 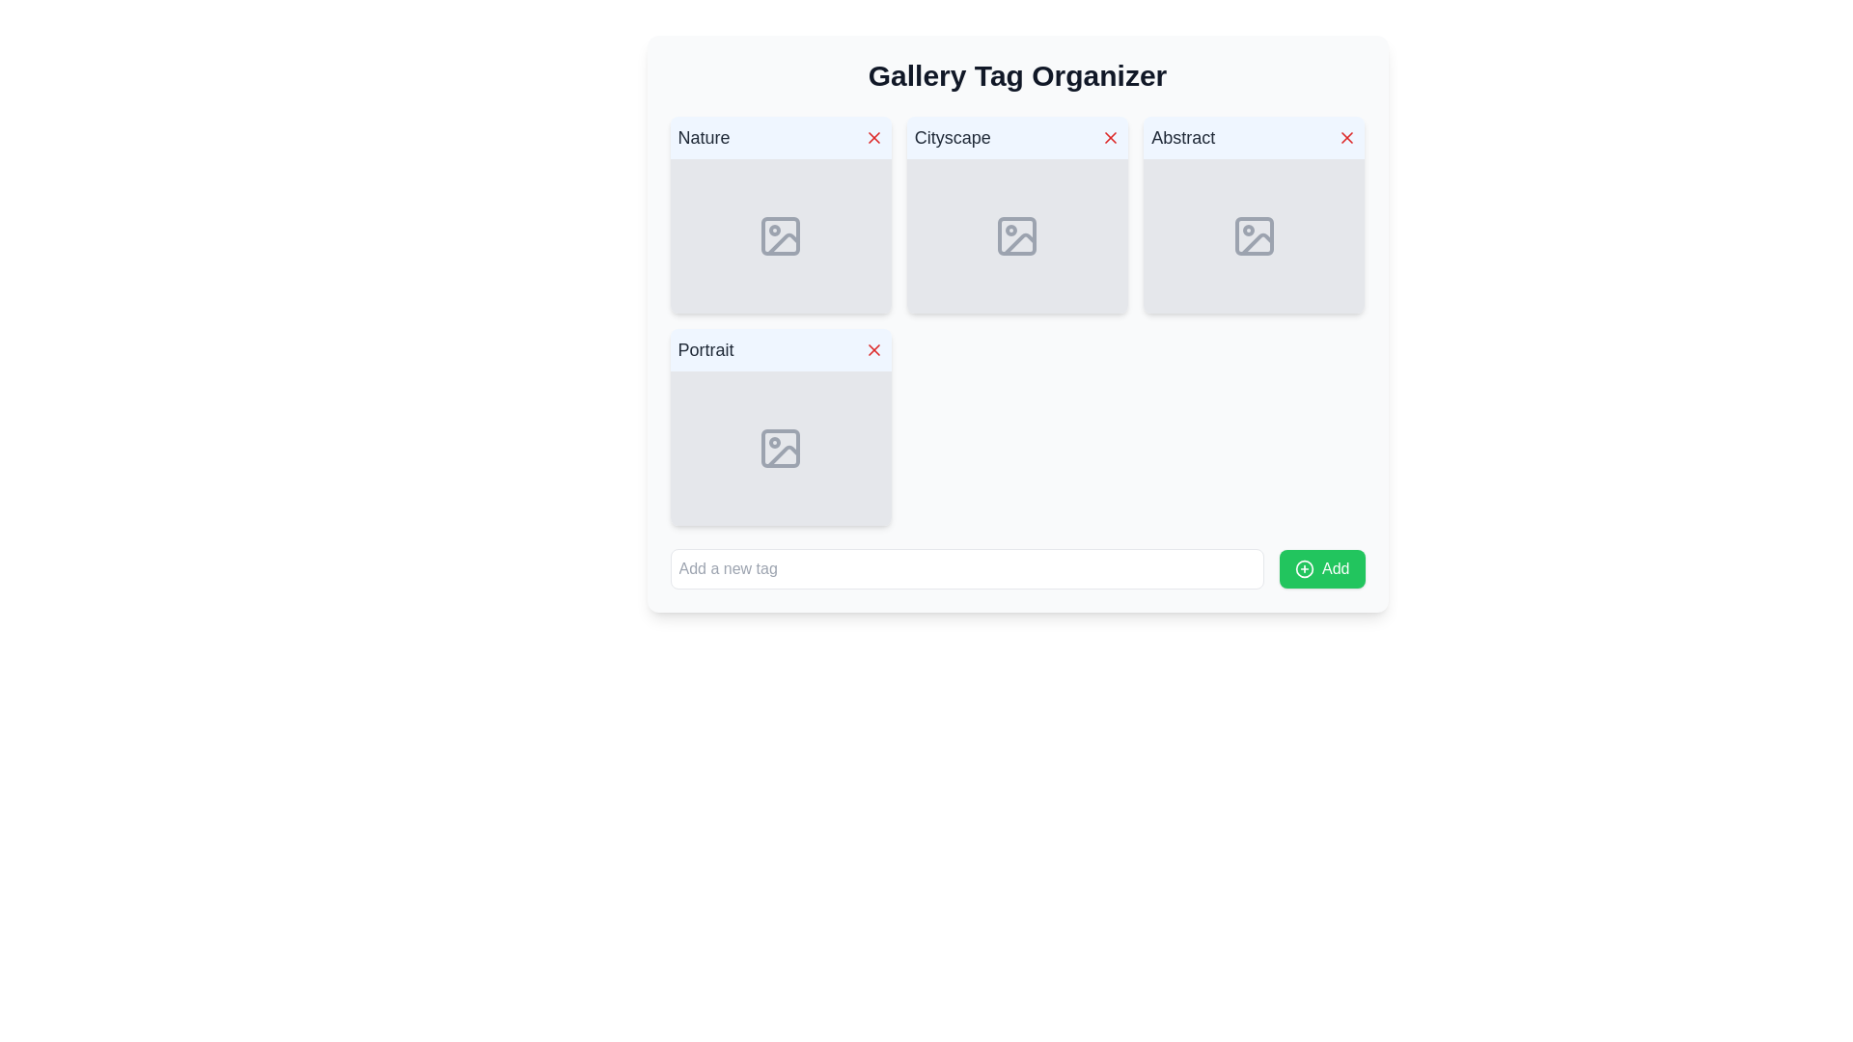 I want to click on the 24x24 pixel gray SVG icon depicting a rectangle with rounded corners, a small circle, and a diagonal line, located inside the 'Abstract' section in the top-right of the grid, so click(x=1254, y=235).